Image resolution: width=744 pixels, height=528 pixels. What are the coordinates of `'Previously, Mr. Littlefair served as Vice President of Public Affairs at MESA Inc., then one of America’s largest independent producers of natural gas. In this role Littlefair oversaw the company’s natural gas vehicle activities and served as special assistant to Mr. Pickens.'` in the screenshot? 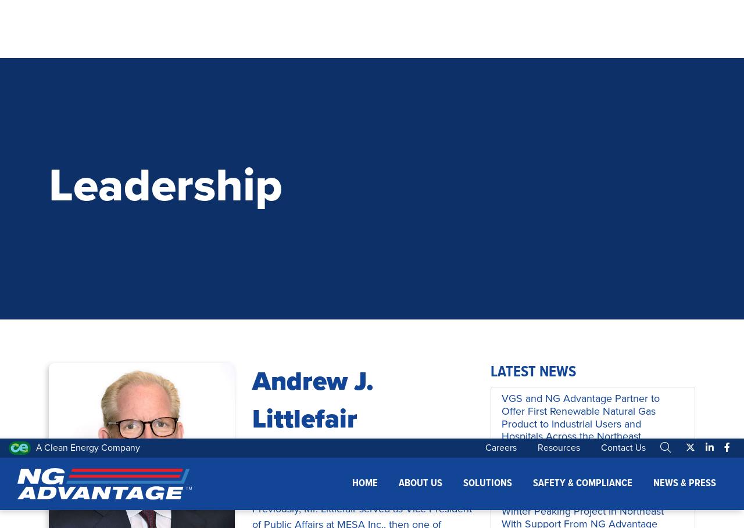 It's located at (259, 89).